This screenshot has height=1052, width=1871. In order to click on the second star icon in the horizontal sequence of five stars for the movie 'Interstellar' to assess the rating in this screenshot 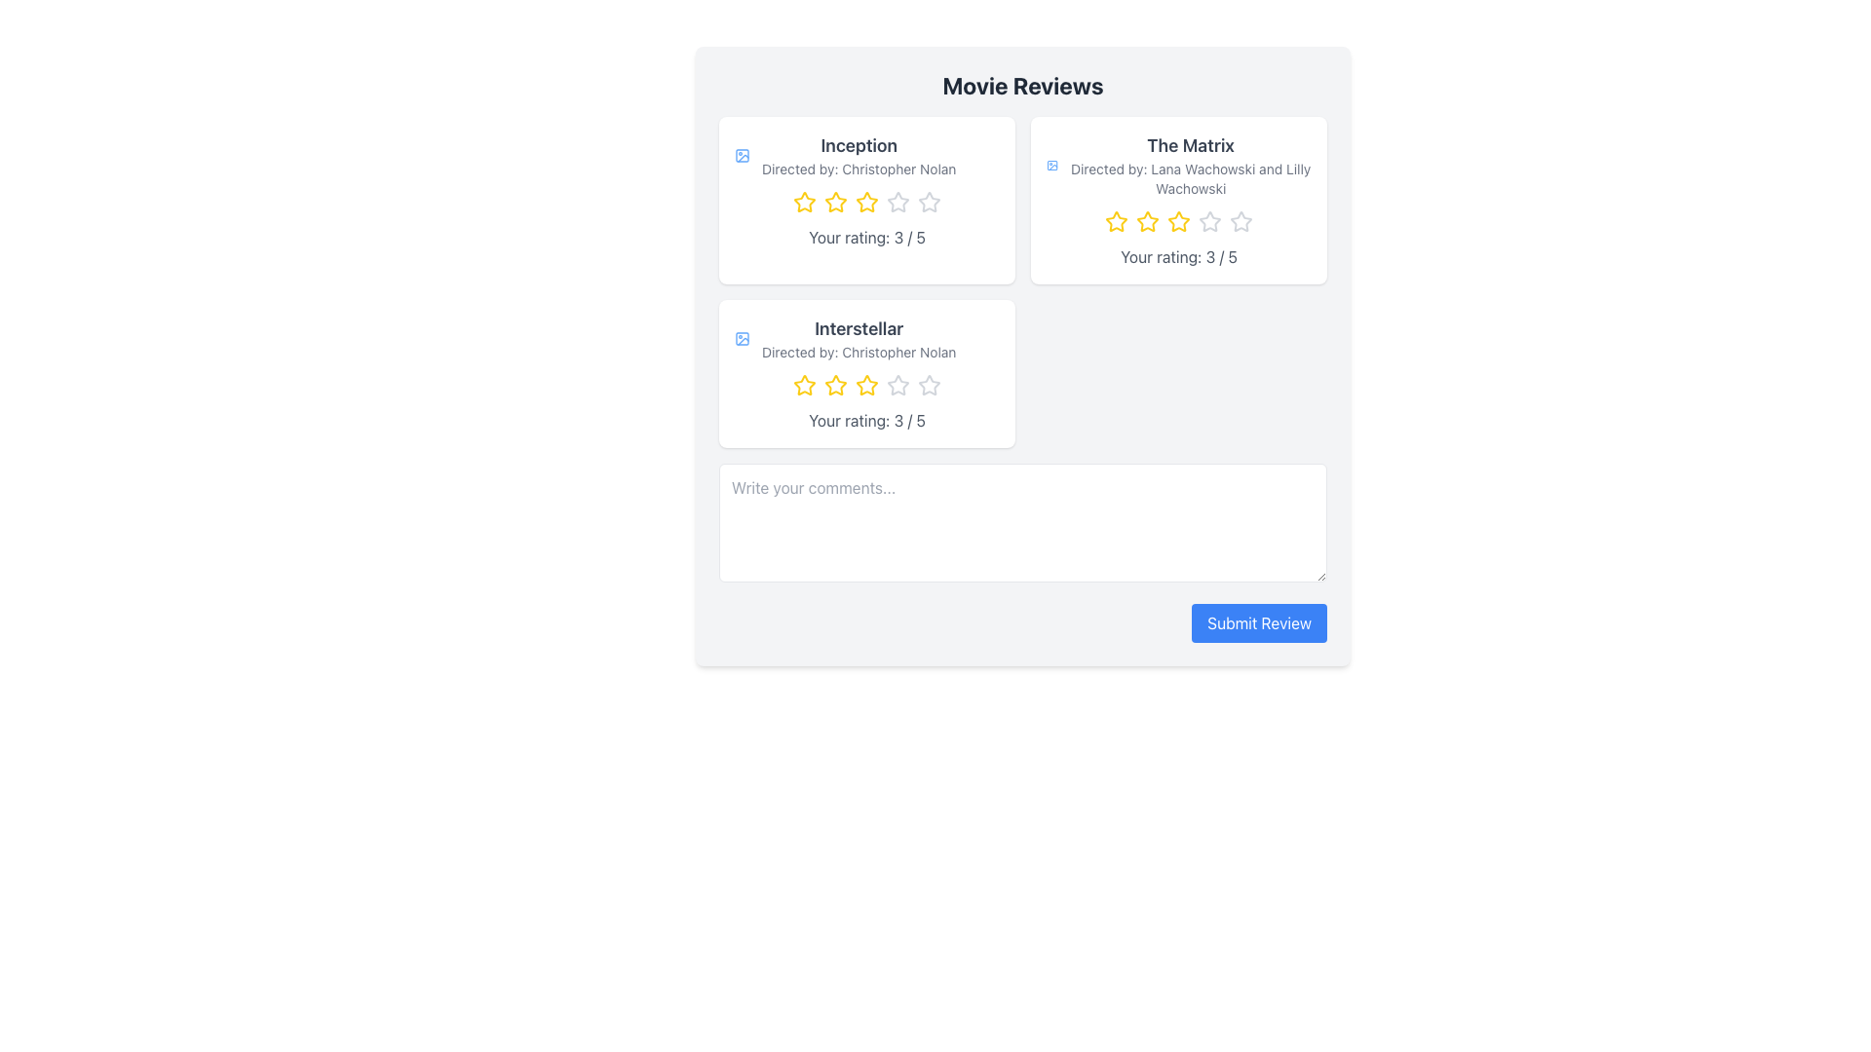, I will do `click(836, 385)`.